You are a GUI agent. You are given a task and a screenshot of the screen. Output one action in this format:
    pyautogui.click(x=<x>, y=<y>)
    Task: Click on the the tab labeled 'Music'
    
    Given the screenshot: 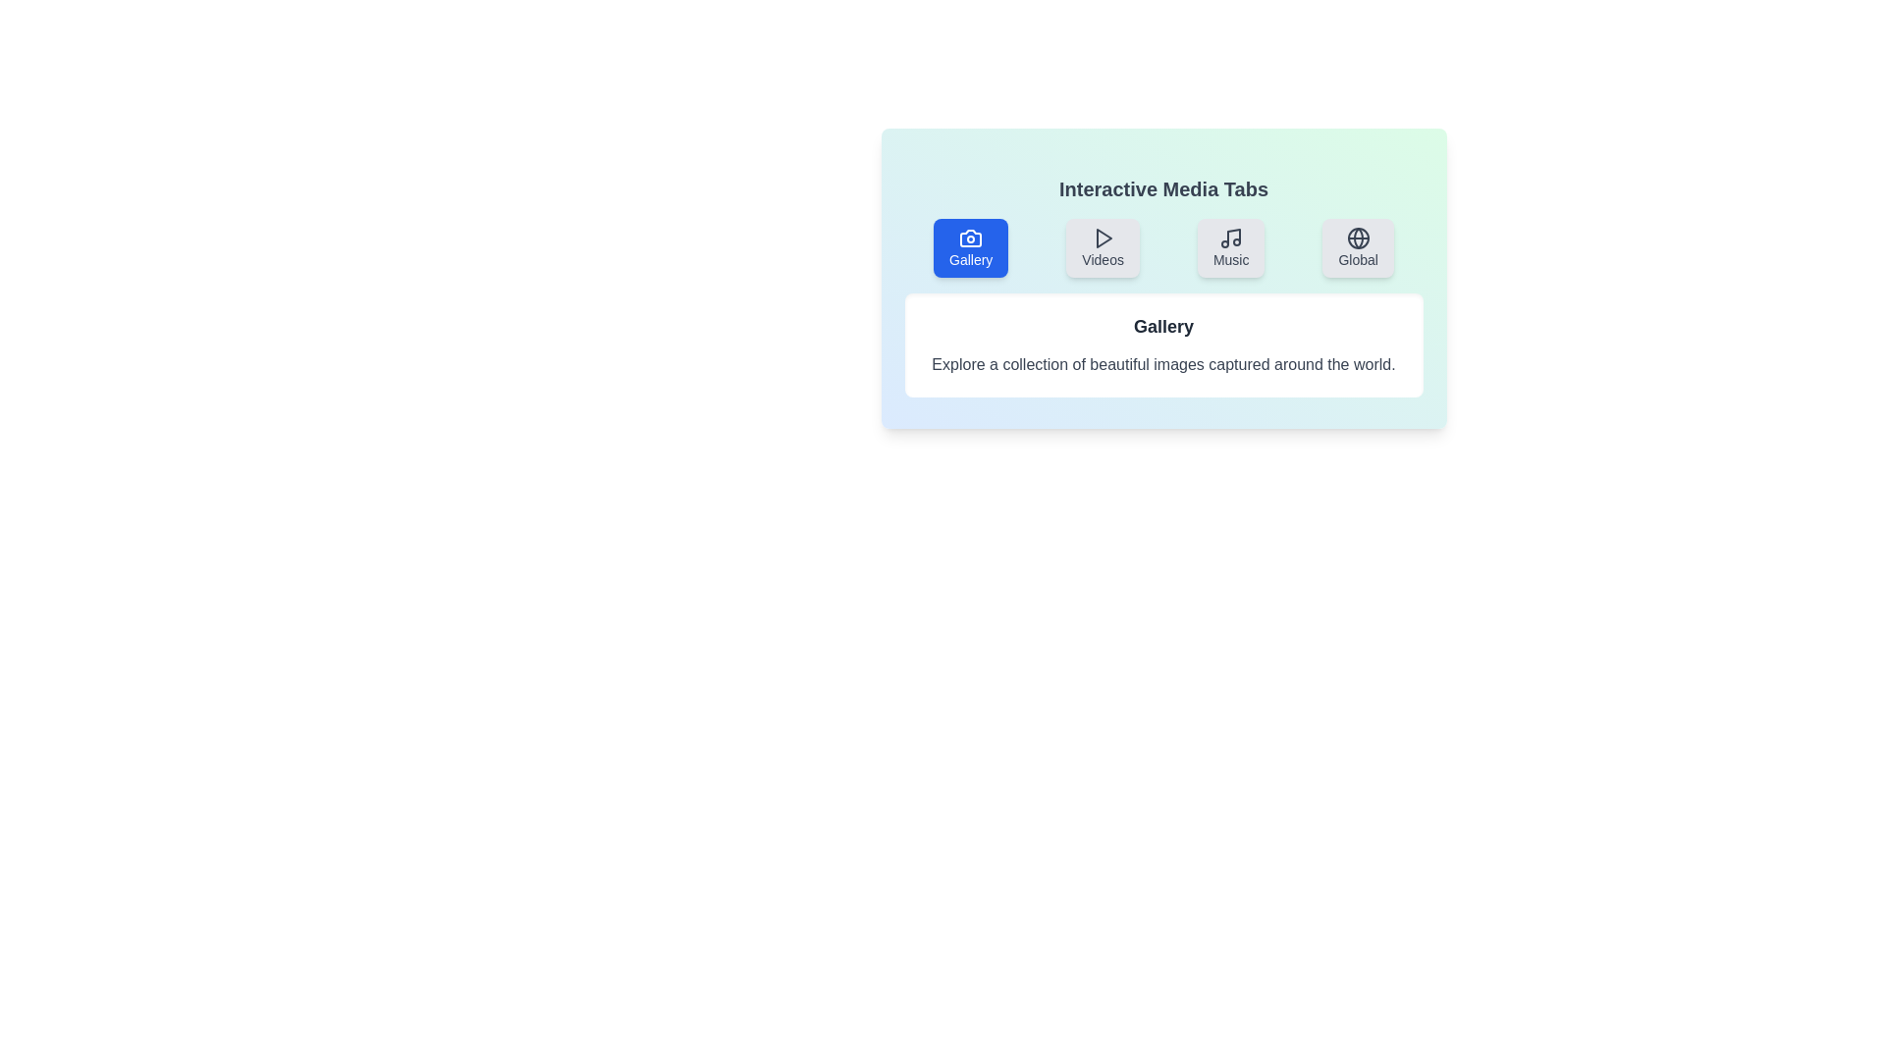 What is the action you would take?
    pyautogui.click(x=1230, y=247)
    